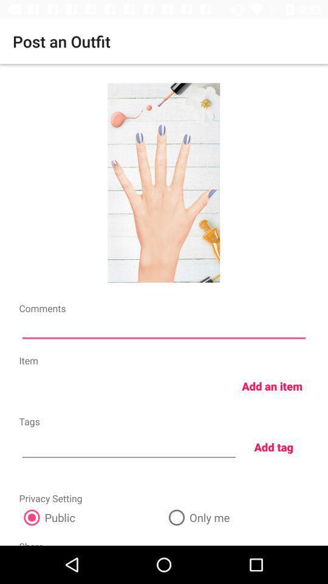  Describe the element at coordinates (273, 446) in the screenshot. I see `add tag icon` at that location.